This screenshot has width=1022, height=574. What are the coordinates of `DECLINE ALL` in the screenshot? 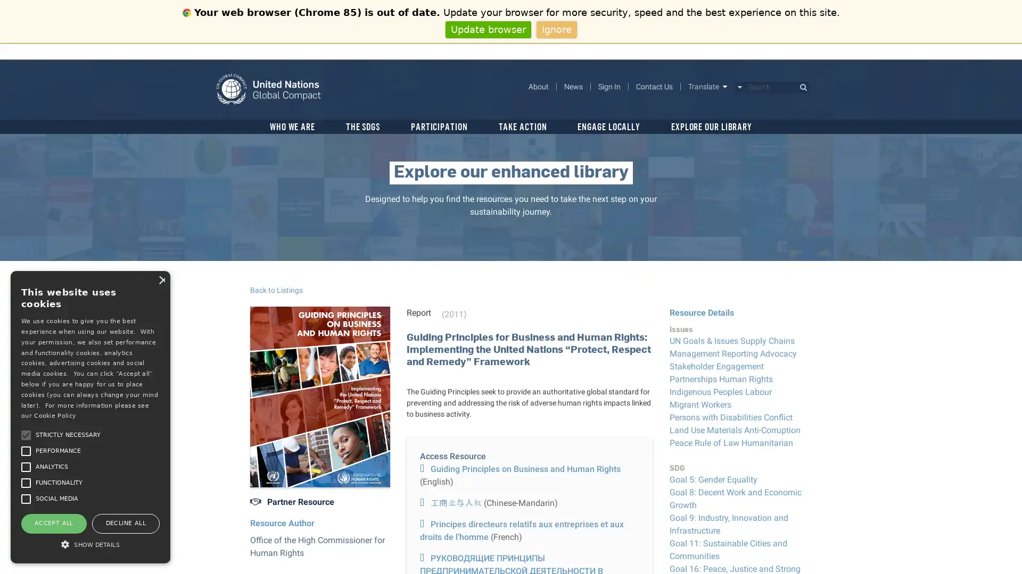 It's located at (125, 522).